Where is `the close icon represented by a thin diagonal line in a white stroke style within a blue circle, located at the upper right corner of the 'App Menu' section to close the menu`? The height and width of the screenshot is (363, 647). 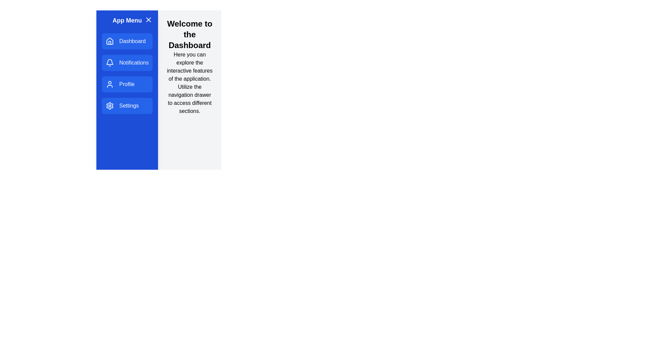 the close icon represented by a thin diagonal line in a white stroke style within a blue circle, located at the upper right corner of the 'App Menu' section to close the menu is located at coordinates (148, 19).